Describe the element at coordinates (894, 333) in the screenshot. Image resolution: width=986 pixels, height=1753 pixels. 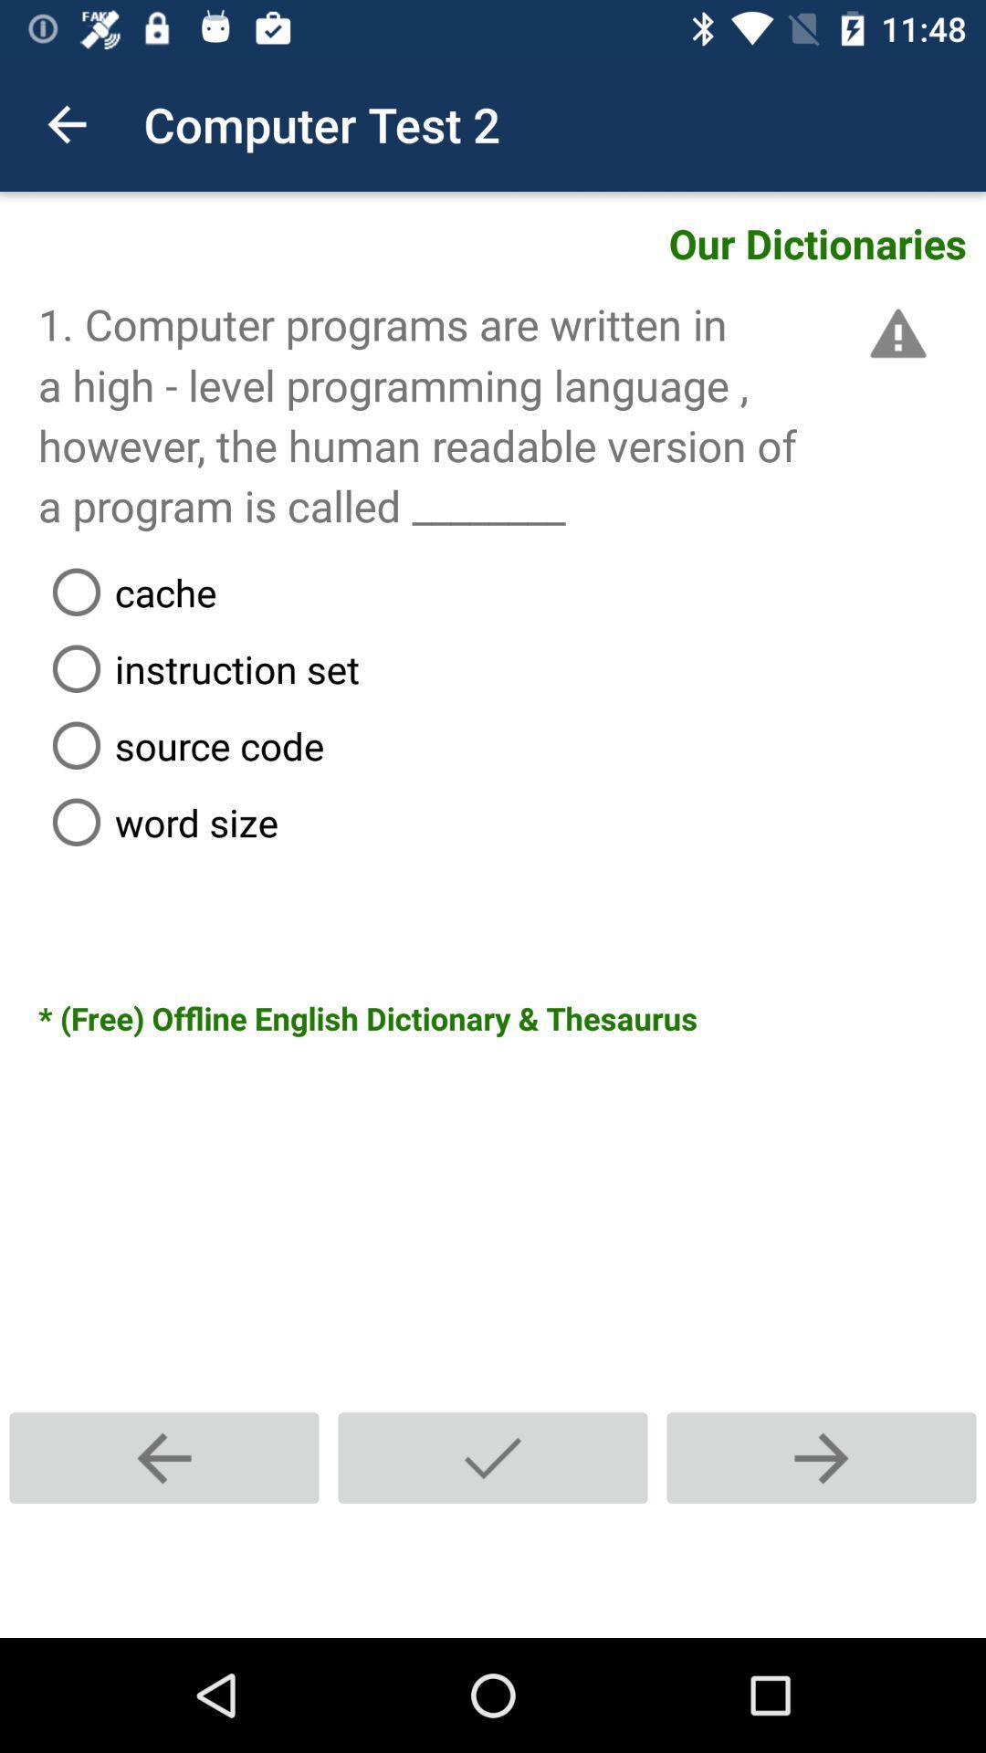
I see `the item above the cache icon` at that location.